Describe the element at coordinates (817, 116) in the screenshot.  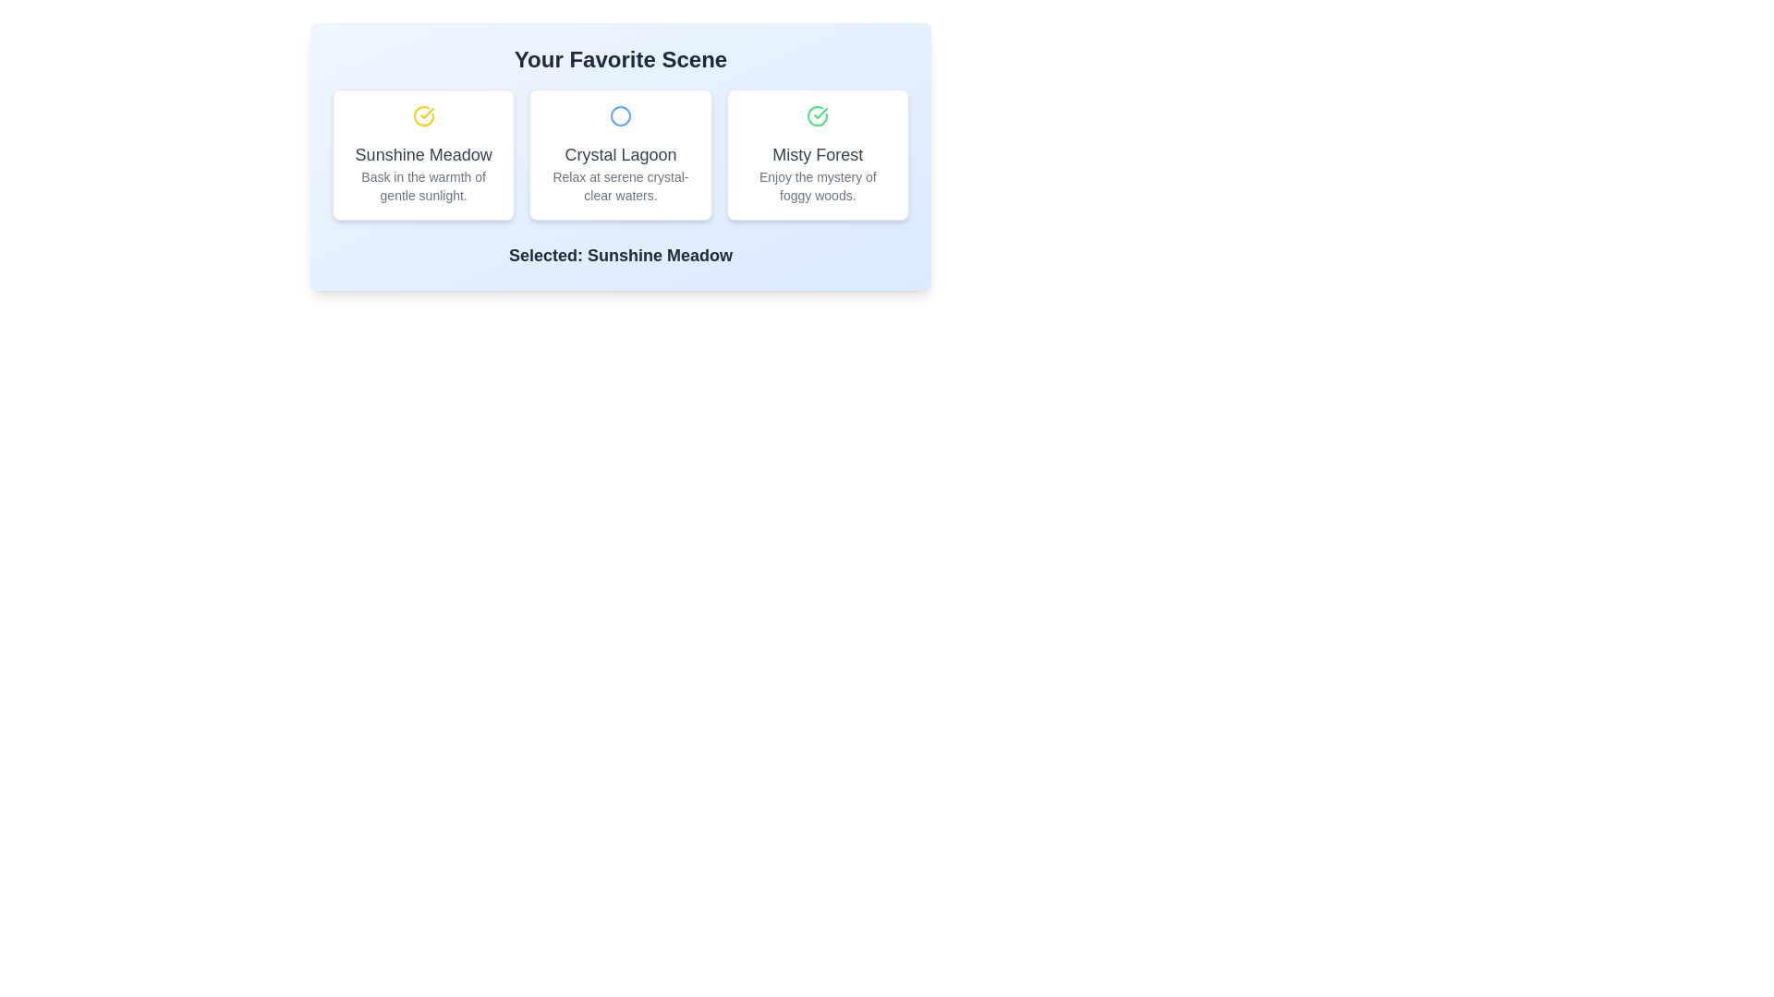
I see `the selection status icon for the 'Misty Forest' card, located at the top center of the card in the rightmost position among three horizontally displayed cards` at that location.